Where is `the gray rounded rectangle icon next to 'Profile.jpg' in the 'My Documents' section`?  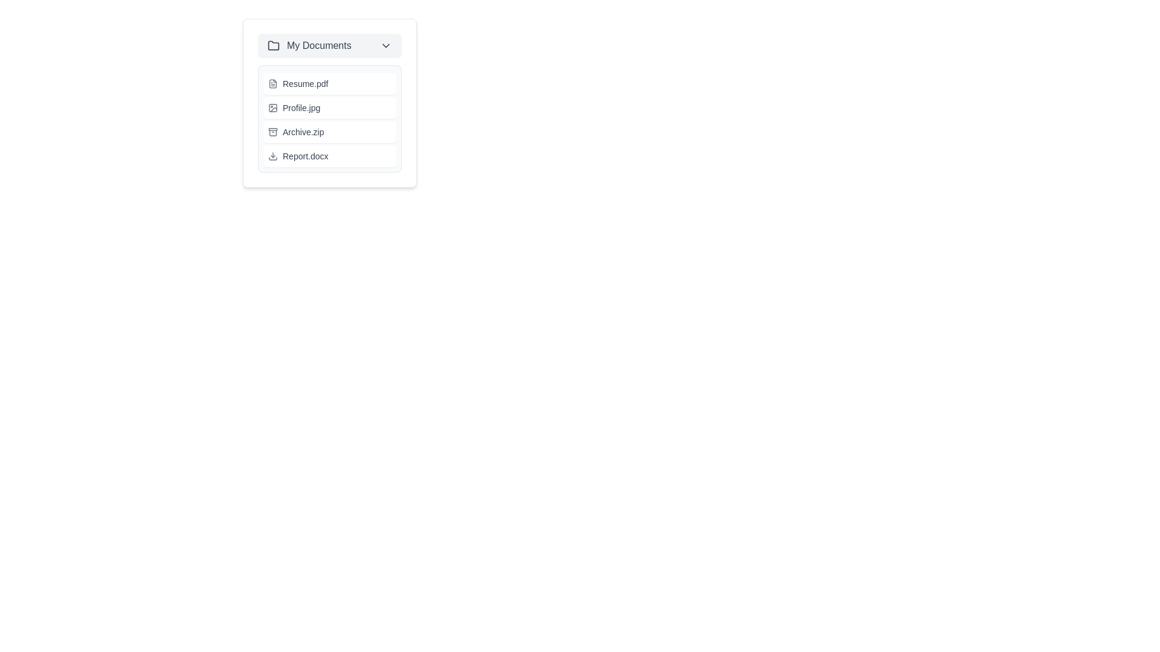 the gray rounded rectangle icon next to 'Profile.jpg' in the 'My Documents' section is located at coordinates (272, 107).